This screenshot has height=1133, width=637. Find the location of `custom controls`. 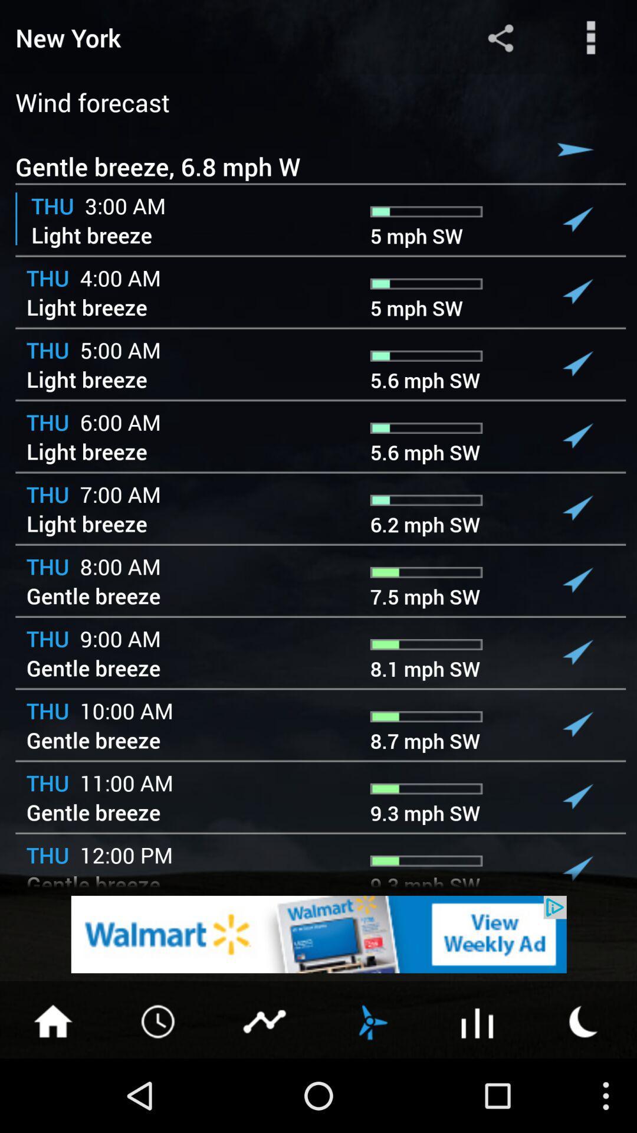

custom controls is located at coordinates (591, 37).